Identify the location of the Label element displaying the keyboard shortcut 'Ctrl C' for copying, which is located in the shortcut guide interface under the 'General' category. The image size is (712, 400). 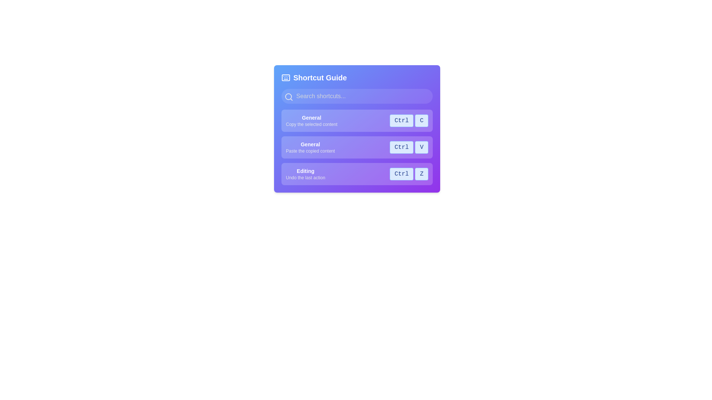
(409, 120).